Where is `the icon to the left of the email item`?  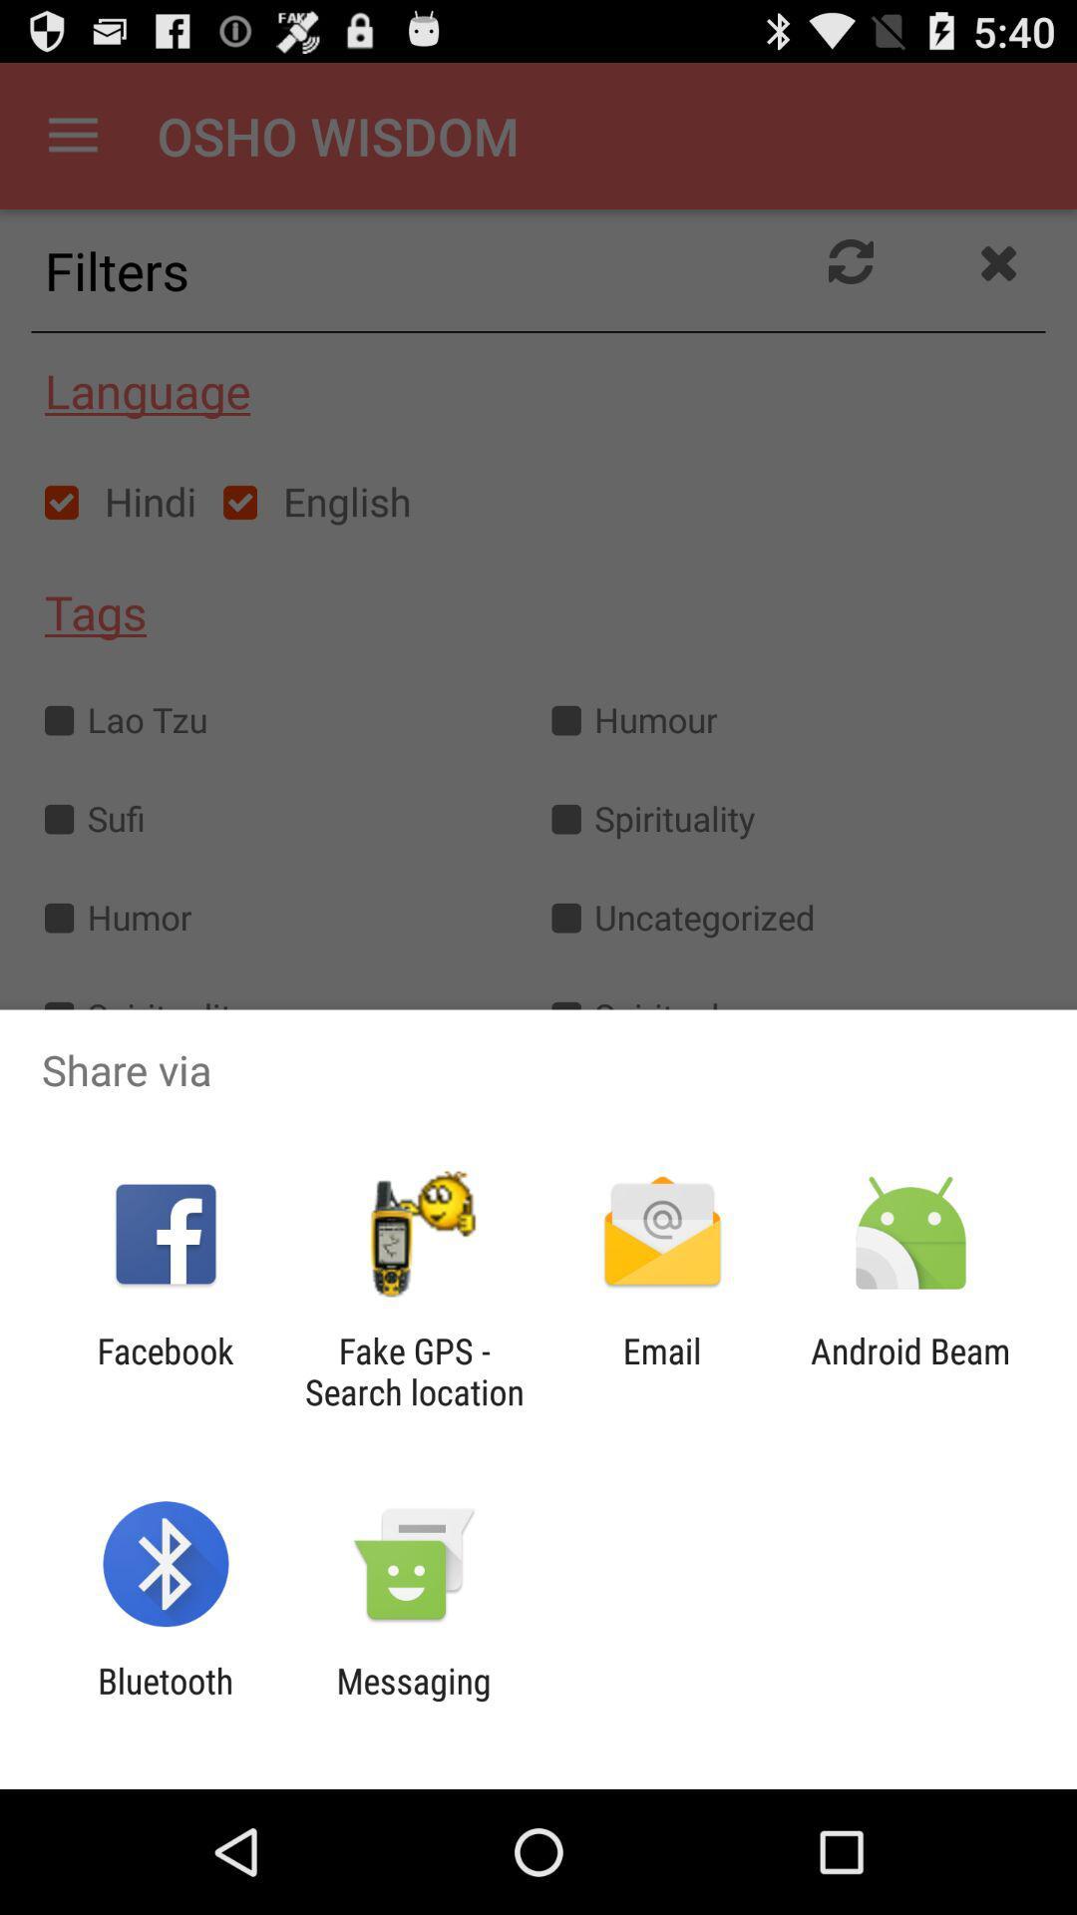 the icon to the left of the email item is located at coordinates (413, 1370).